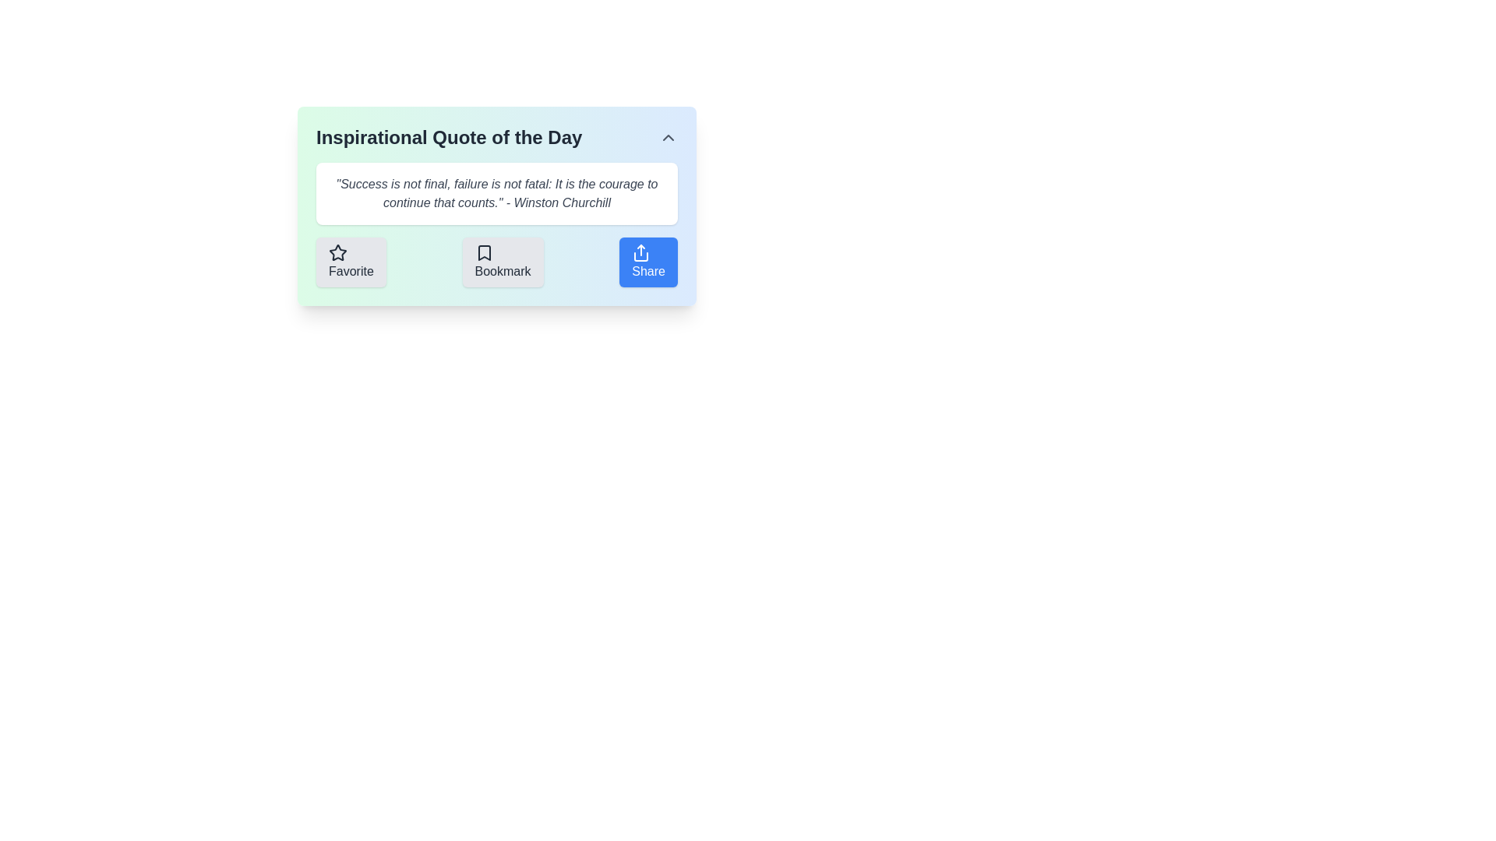 The image size is (1496, 841). I want to click on the 'Inspirational Quote of the Day' header, so click(496, 137).